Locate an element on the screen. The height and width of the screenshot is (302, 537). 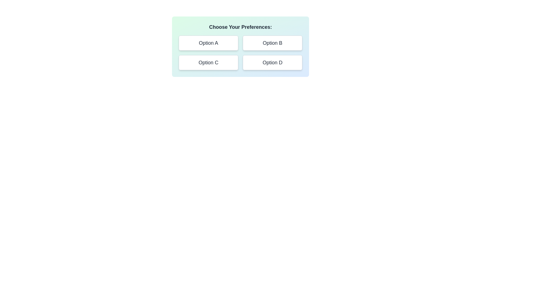
the button labeled Option C to select it is located at coordinates (208, 62).